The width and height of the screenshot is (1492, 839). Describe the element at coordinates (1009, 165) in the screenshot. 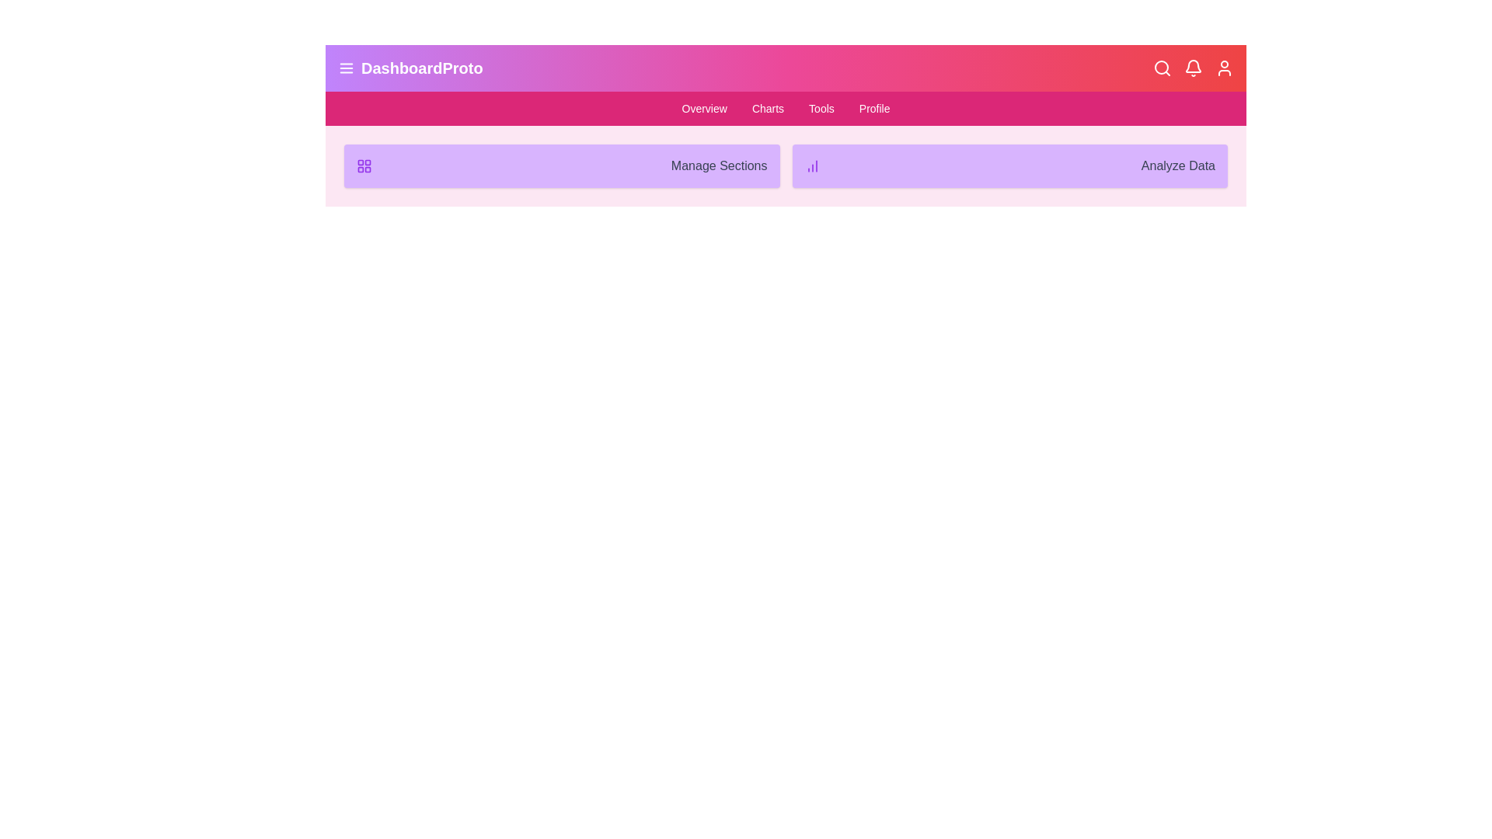

I see `the text element 'Analyze Data' to inspect its layout` at that location.